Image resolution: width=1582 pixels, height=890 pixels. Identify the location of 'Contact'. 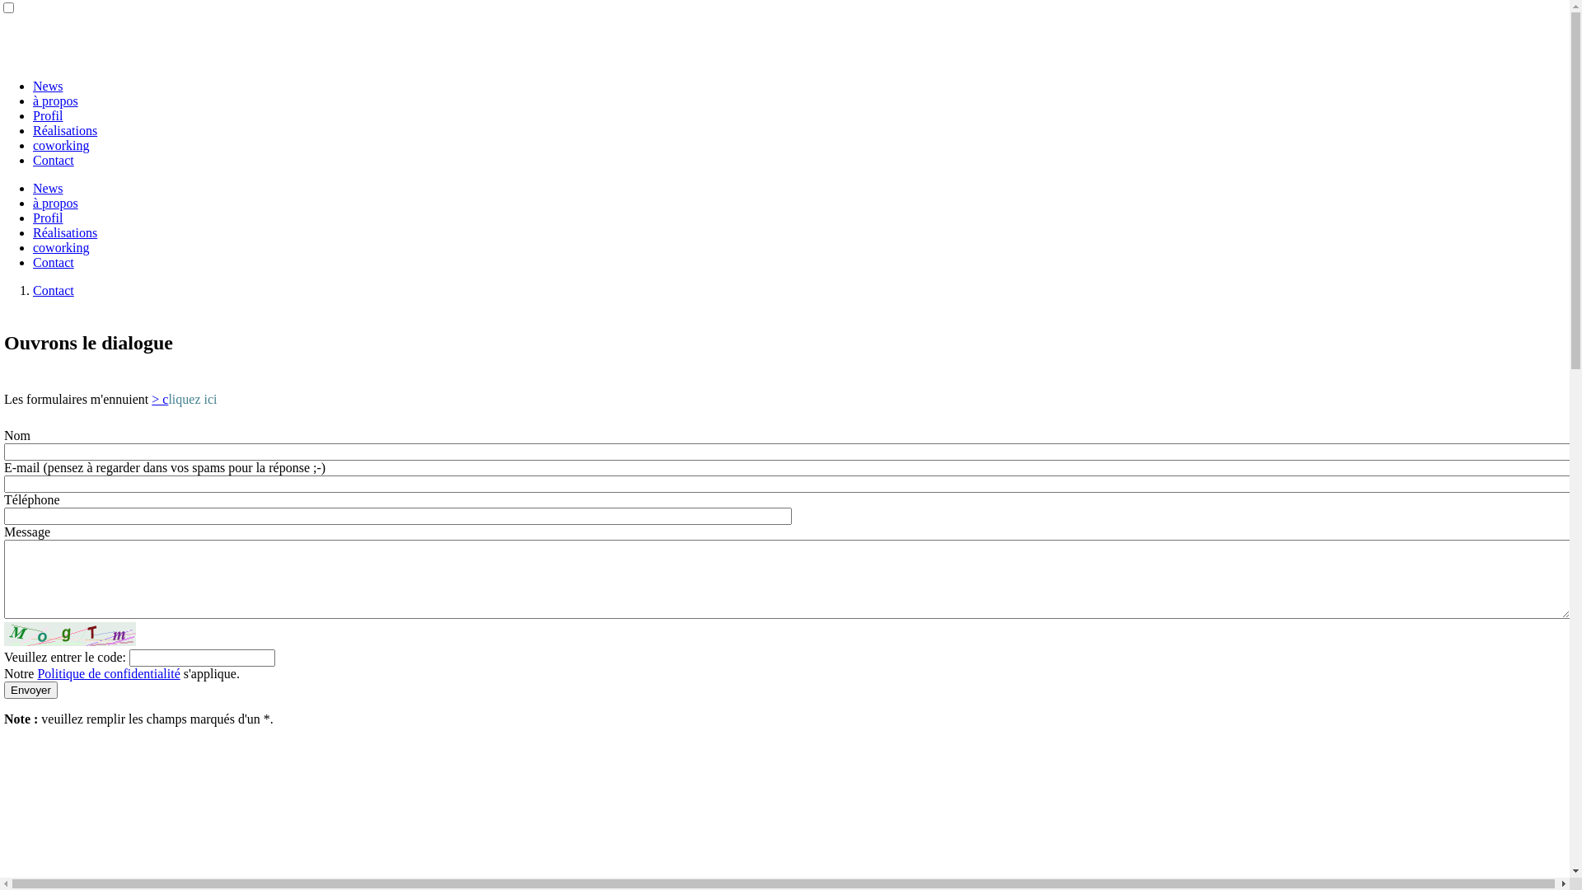
(54, 261).